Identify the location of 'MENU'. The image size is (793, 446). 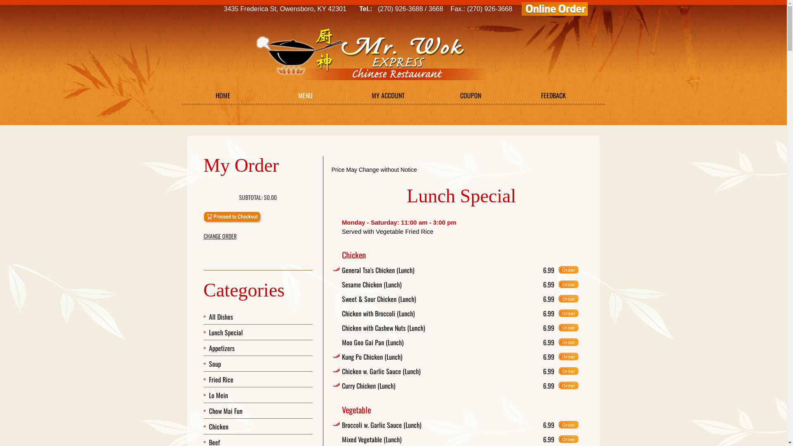
(305, 95).